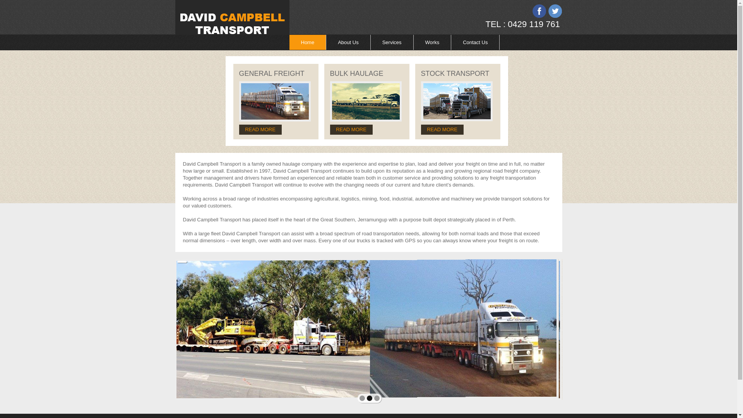  I want to click on 'About Us', so click(348, 42).